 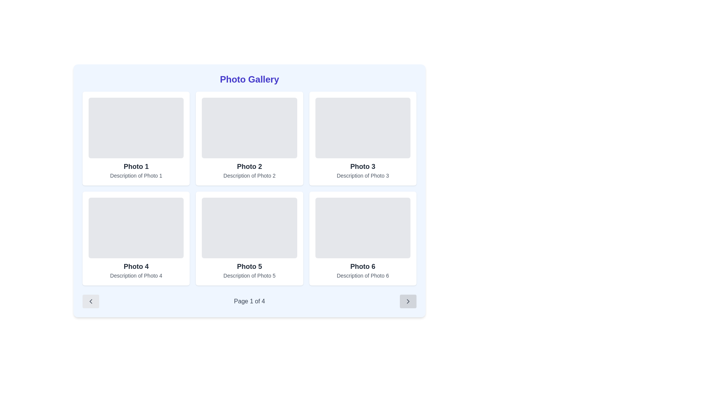 What do you see at coordinates (136, 139) in the screenshot?
I see `the first Card component in the photo gallery` at bounding box center [136, 139].